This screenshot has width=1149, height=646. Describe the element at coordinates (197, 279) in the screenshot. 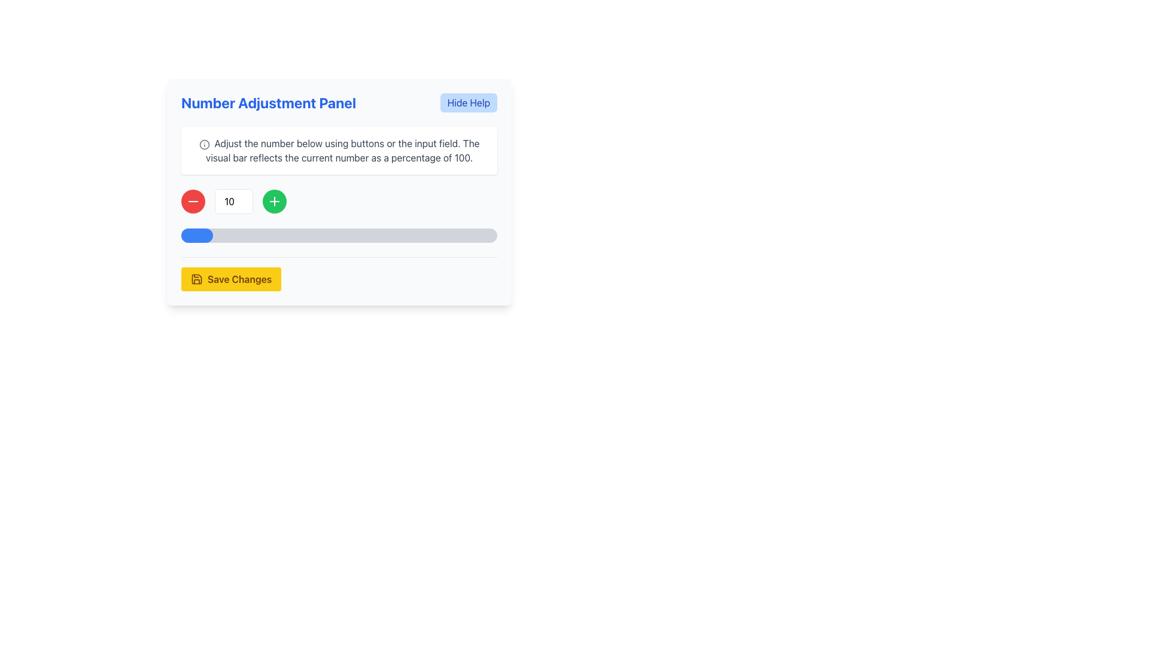

I see `the 'save' icon located on the left side of the 'Save Changes' button at the bottom center of the panel` at that location.